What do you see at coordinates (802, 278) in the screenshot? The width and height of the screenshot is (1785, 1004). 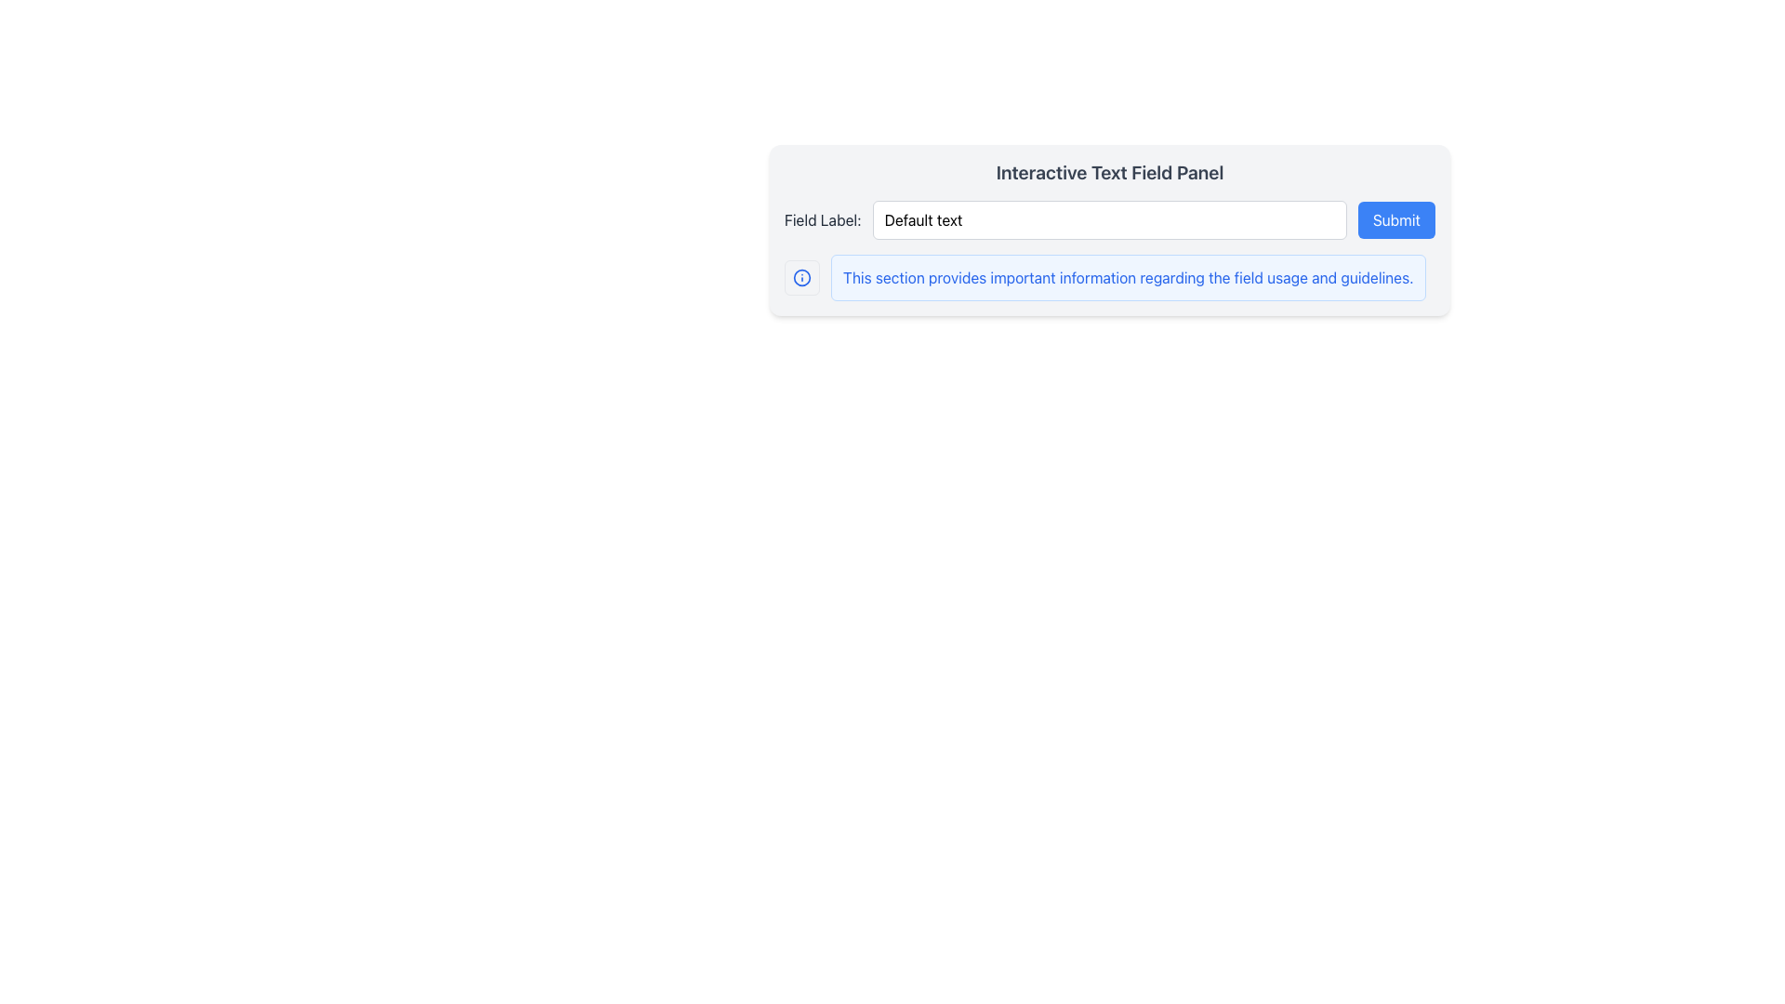 I see `the information icon located at the bottom-left of the rectangular panel` at bounding box center [802, 278].